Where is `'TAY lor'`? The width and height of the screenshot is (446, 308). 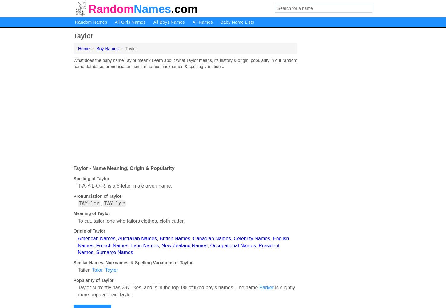 'TAY lor' is located at coordinates (114, 203).